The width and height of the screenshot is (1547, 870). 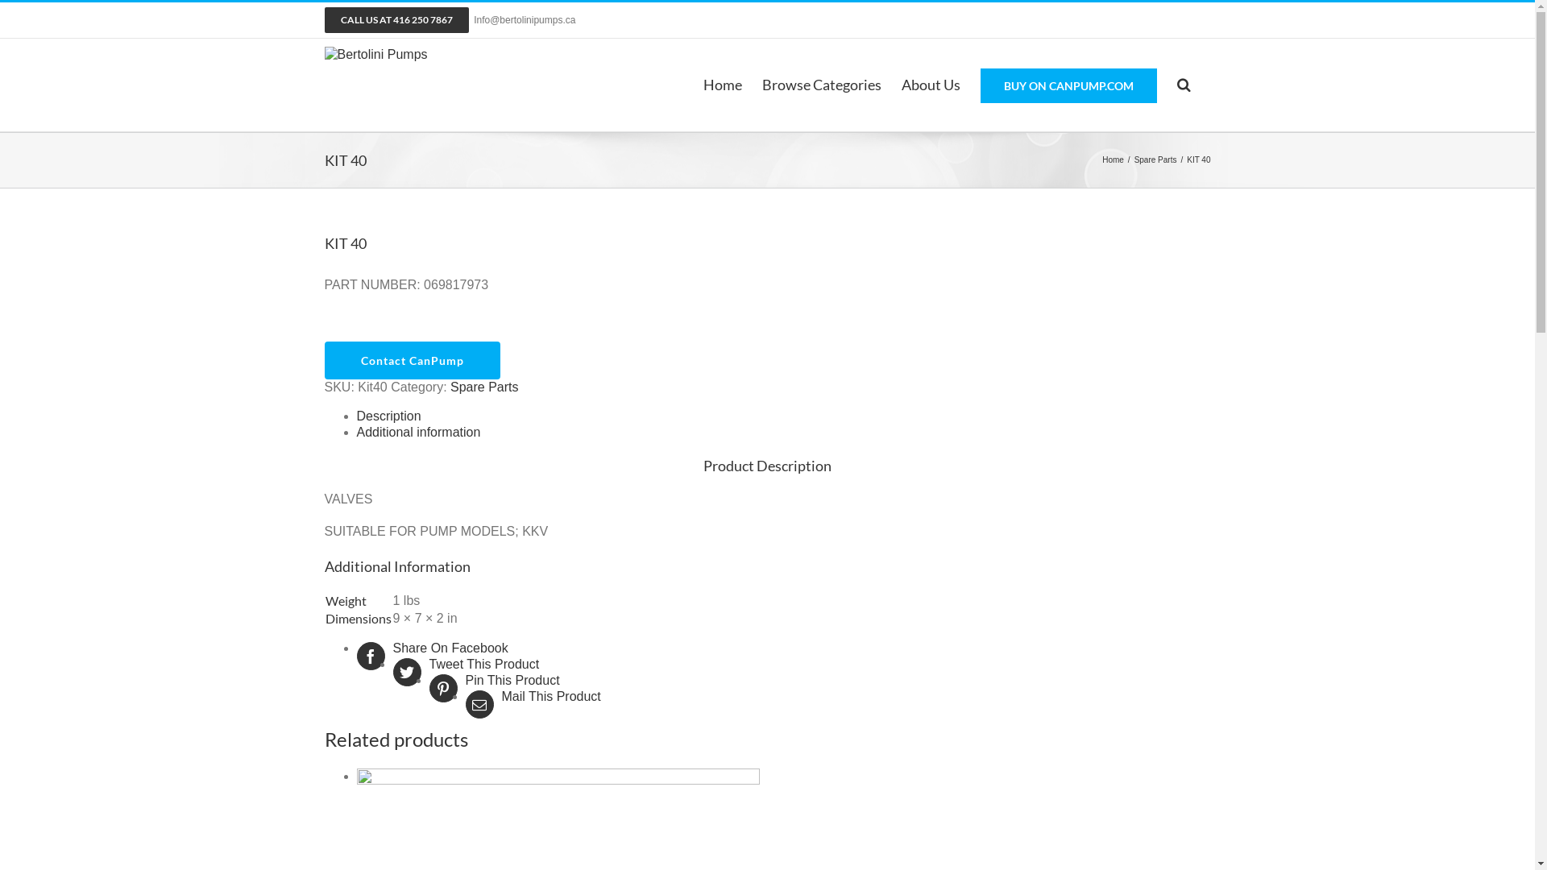 I want to click on 'Home', so click(x=721, y=85).